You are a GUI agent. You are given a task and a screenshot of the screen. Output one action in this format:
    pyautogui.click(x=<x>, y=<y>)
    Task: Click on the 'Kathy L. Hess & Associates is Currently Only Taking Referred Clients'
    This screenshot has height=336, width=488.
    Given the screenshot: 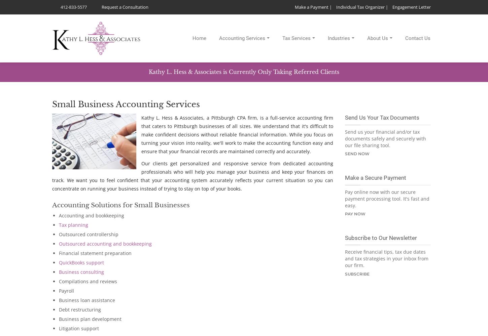 What is the action you would take?
    pyautogui.click(x=244, y=72)
    